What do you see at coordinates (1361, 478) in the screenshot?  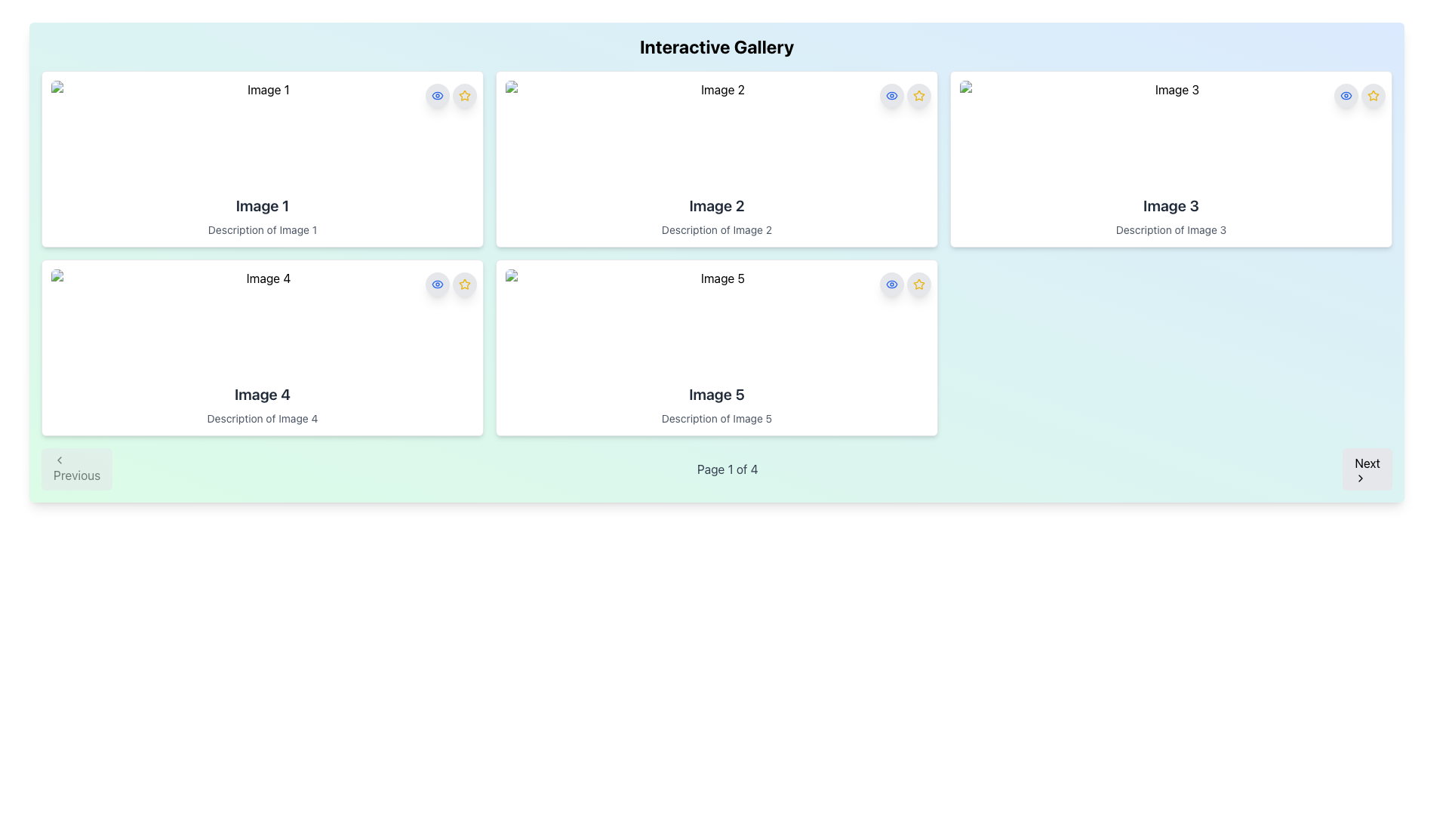 I see `the right-pointing chevron icon within the 'Next' button located at the bottom-right corner of the interface` at bounding box center [1361, 478].